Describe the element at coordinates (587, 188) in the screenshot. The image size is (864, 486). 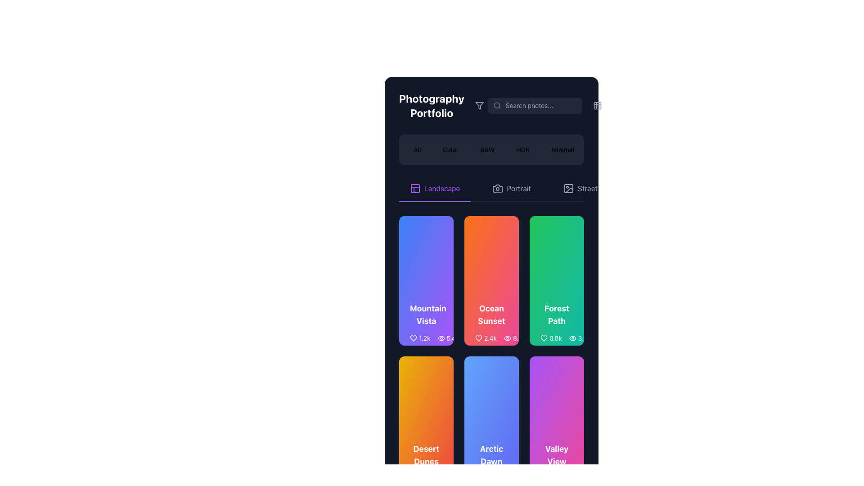
I see `or tab to the fifth button or label component in the horizontal navigation bar that allows users to filter or navigate to 'Street'` at that location.